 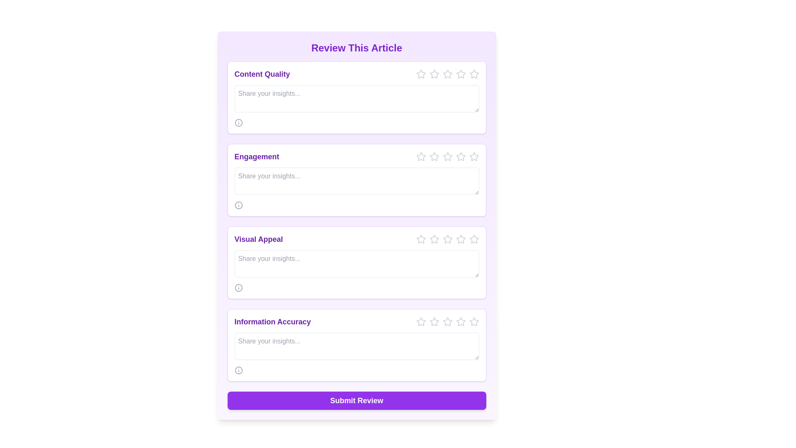 What do you see at coordinates (434, 239) in the screenshot?
I see `the second star icon in the 'Visual Appeal' rating component` at bounding box center [434, 239].